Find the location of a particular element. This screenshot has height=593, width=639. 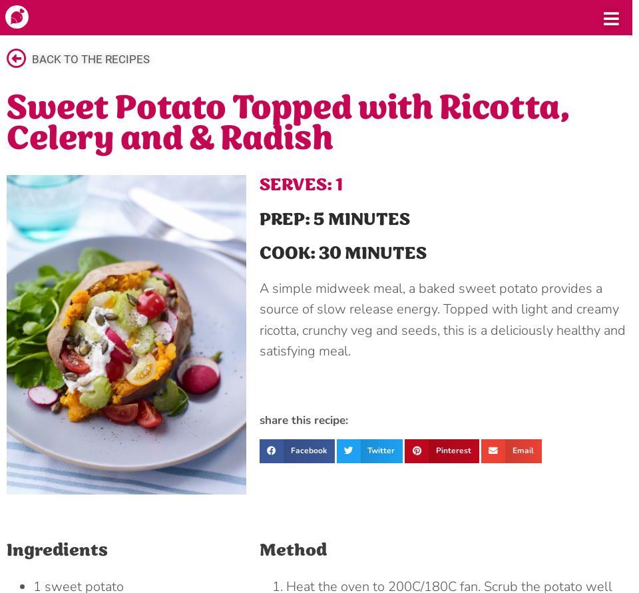

'COOK: 30 minutes' is located at coordinates (341, 254).